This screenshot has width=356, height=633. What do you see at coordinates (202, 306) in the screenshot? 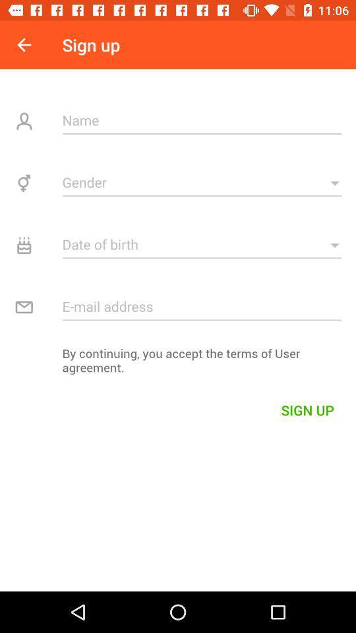
I see `email address` at bounding box center [202, 306].